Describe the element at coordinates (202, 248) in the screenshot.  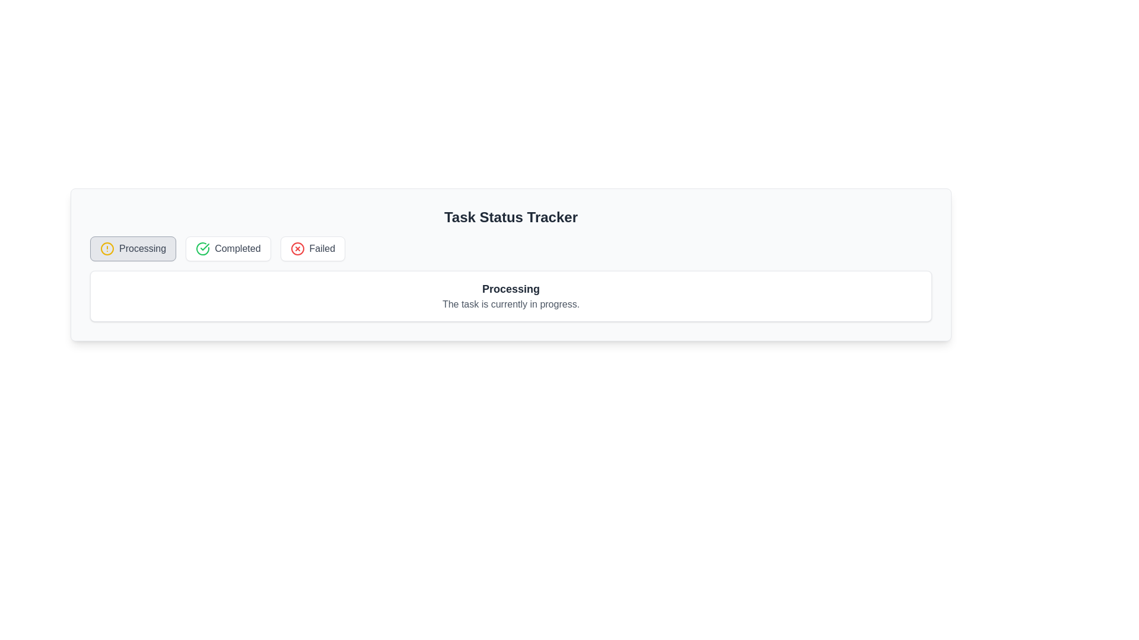
I see `the button labeled 'Completed' which signifies the 'Completed' status of a task, located between the 'Processing' icon and the 'Failed' icon` at that location.